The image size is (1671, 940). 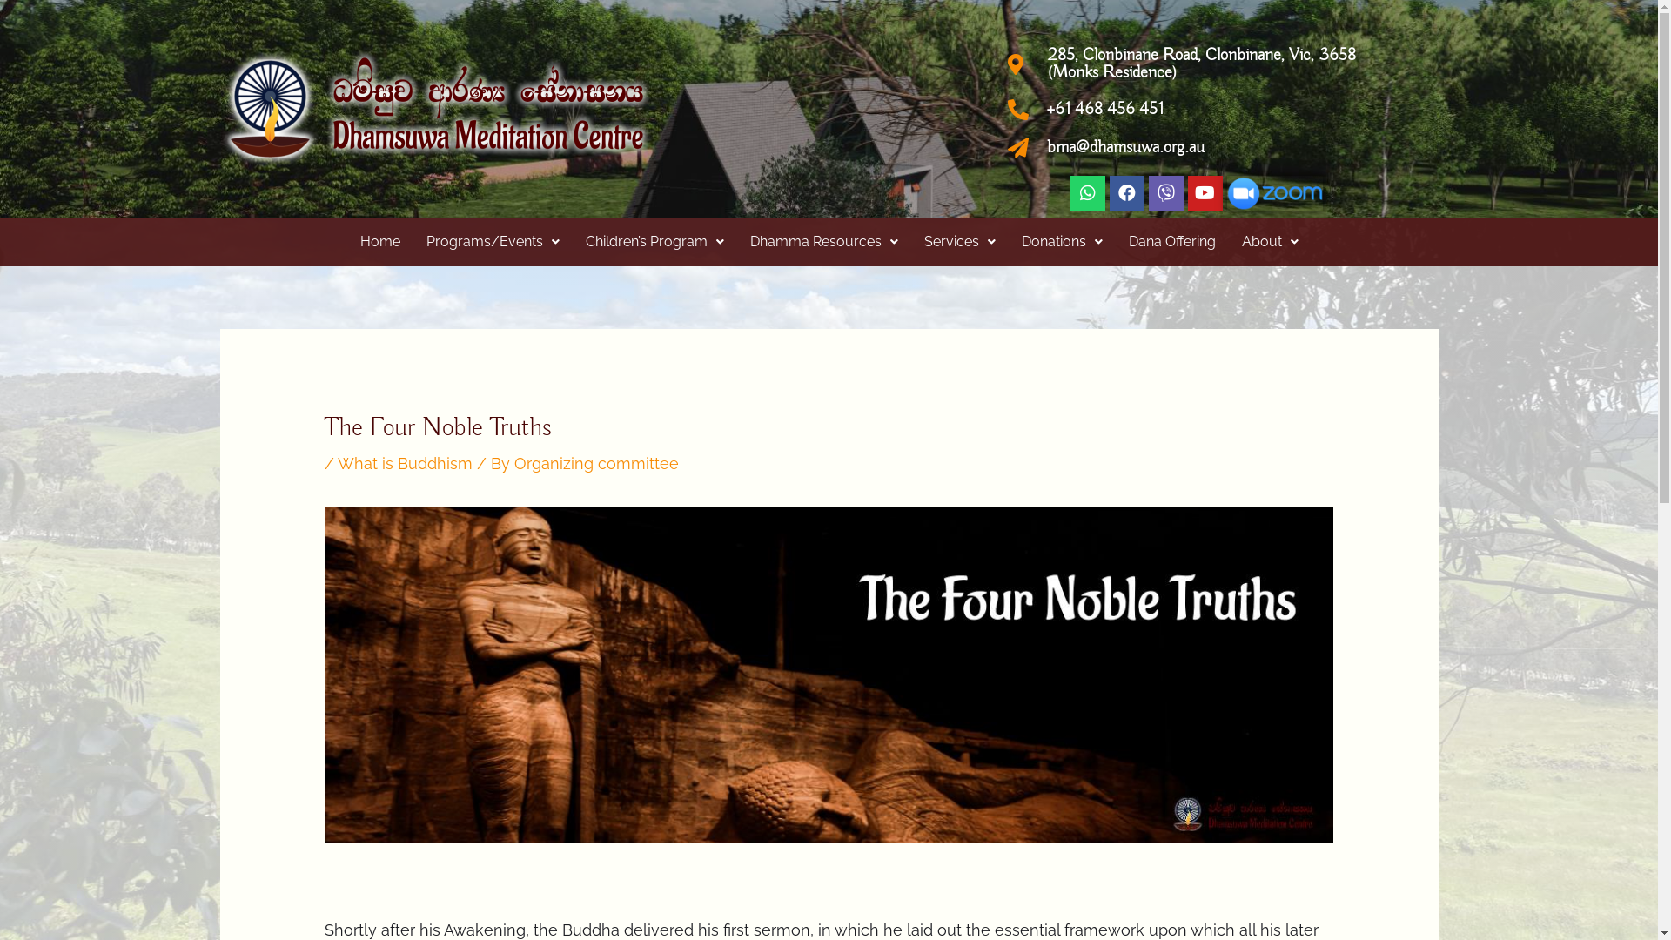 I want to click on 'zoom_log side x50', so click(x=1274, y=193).